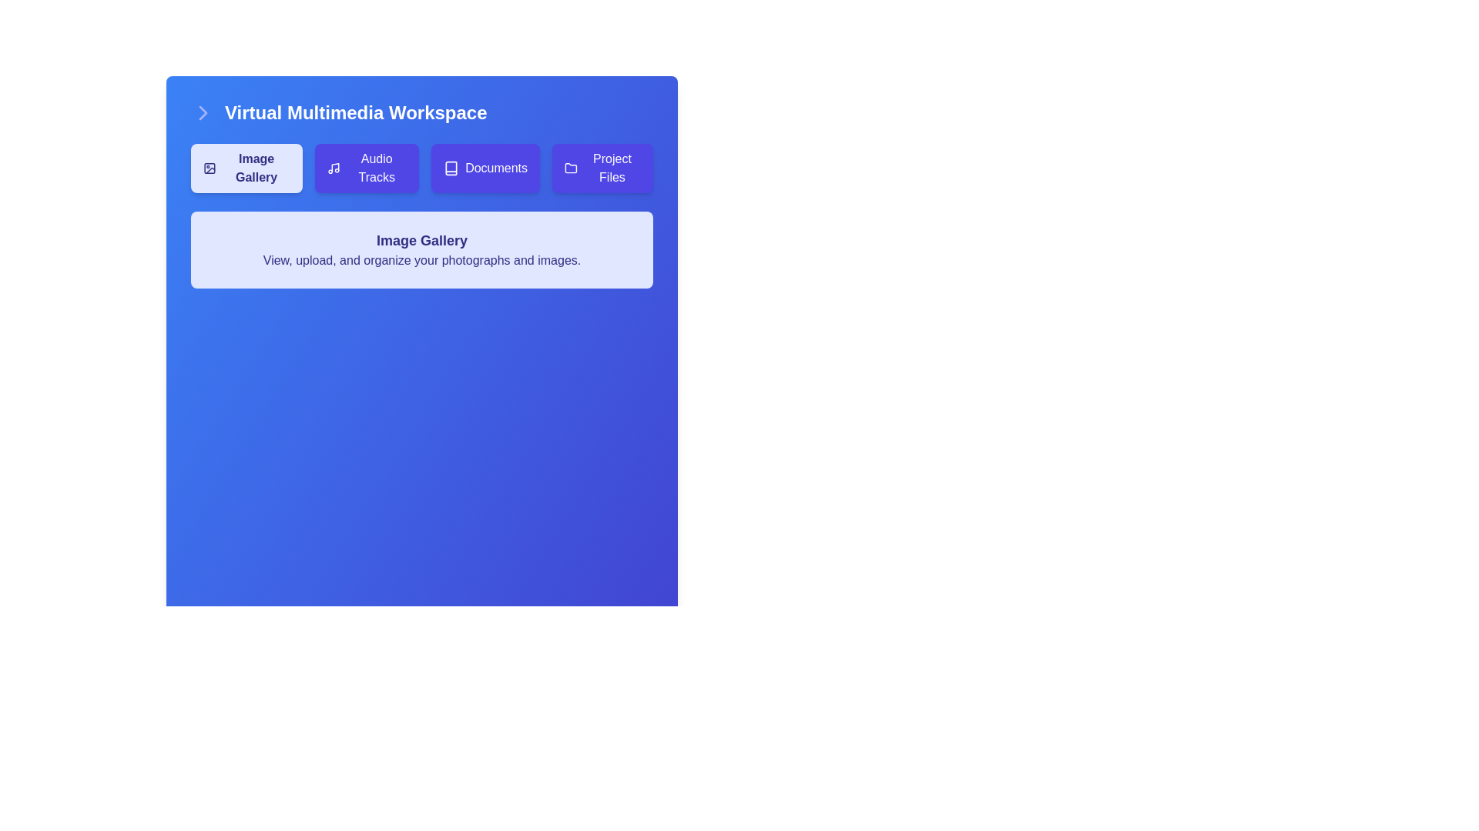 This screenshot has height=831, width=1479. What do you see at coordinates (421, 112) in the screenshot?
I see `the heading titled 'Virtual Multimedia Workspace', which is a bold, large font text located at the top of the panel and is centrally aligned with a small right-pointing chevron icon to its left` at bounding box center [421, 112].